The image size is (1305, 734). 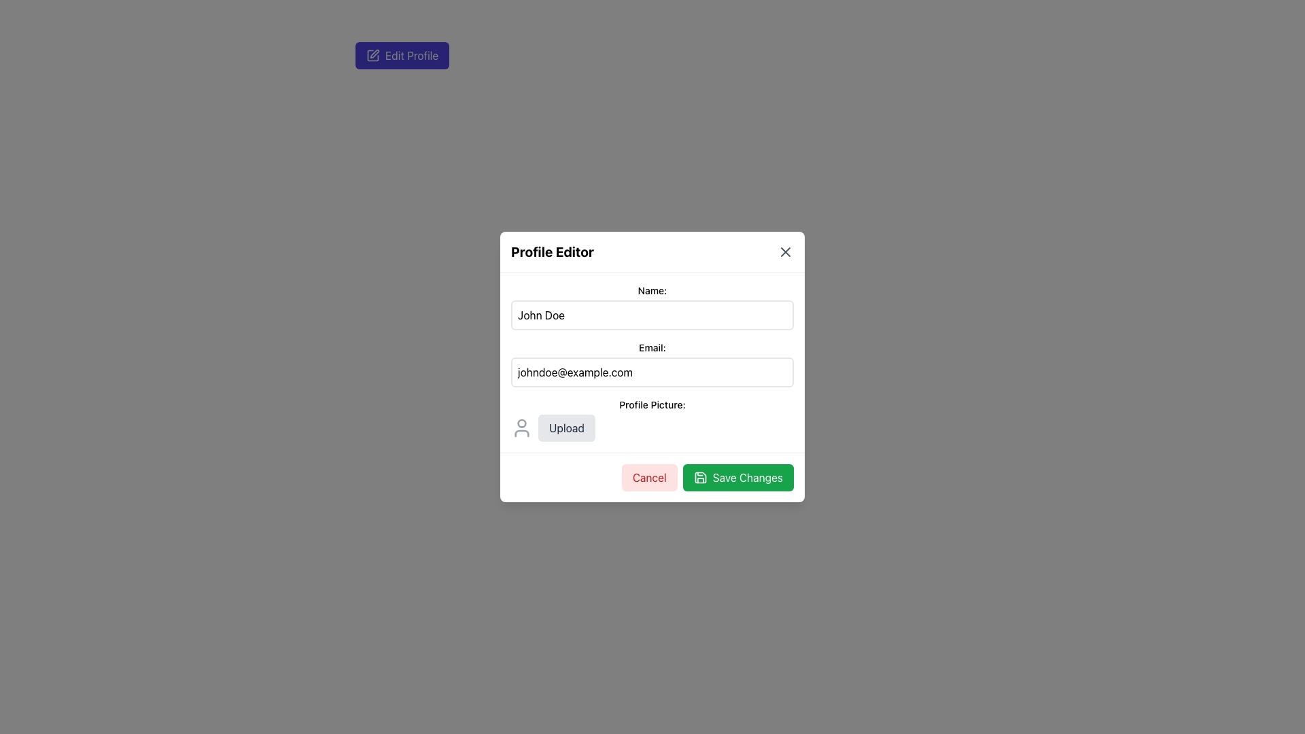 I want to click on the 'Save Changes' button, which is a green rounded rectangular button with white text and a save icon, located in the bottom-right section of the 'Profile Editor' dialog box, so click(x=737, y=476).